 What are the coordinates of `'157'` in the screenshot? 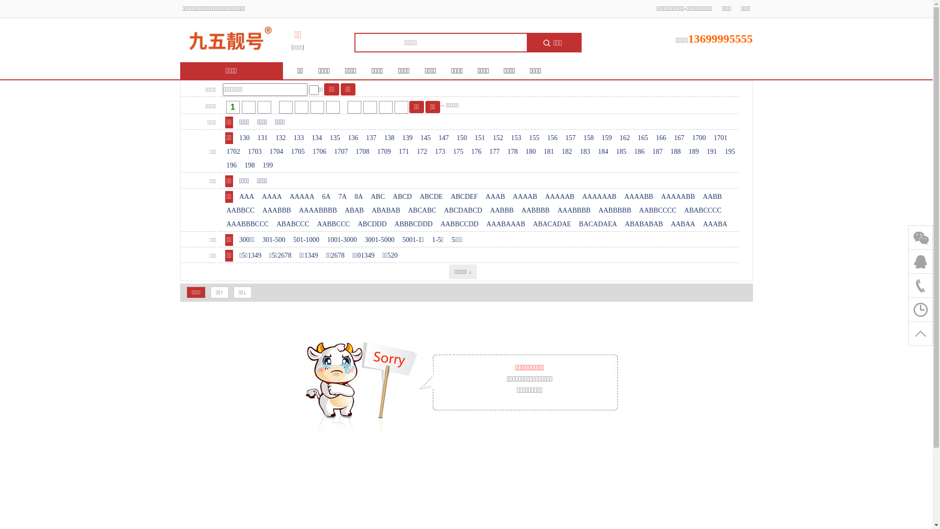 It's located at (570, 138).